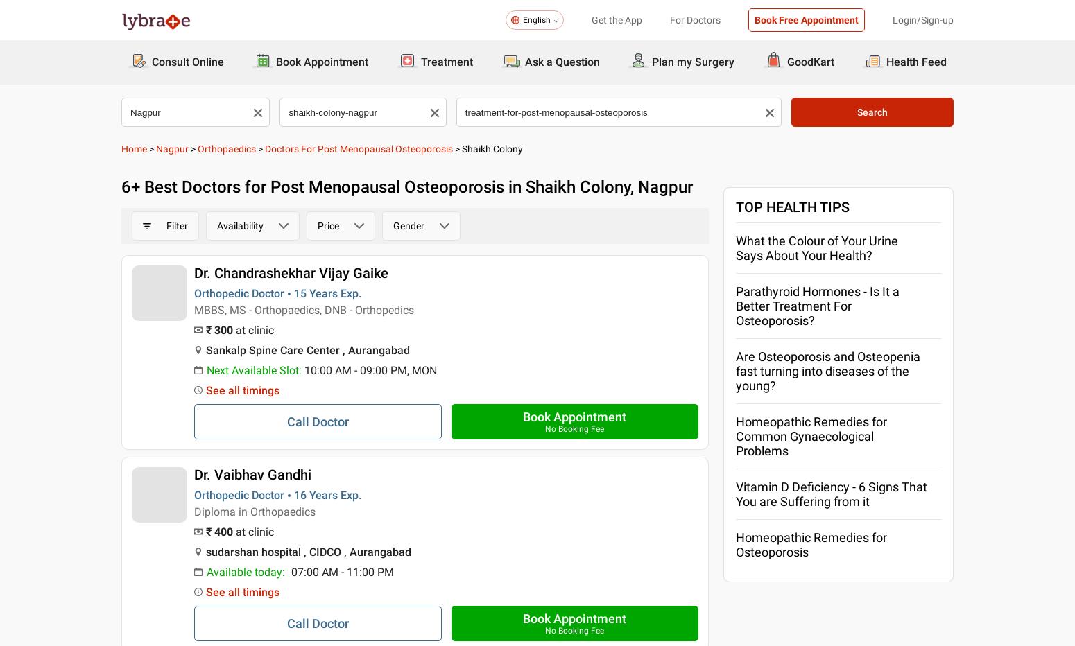  I want to click on 'Diploma in Orthopaedics', so click(193, 511).